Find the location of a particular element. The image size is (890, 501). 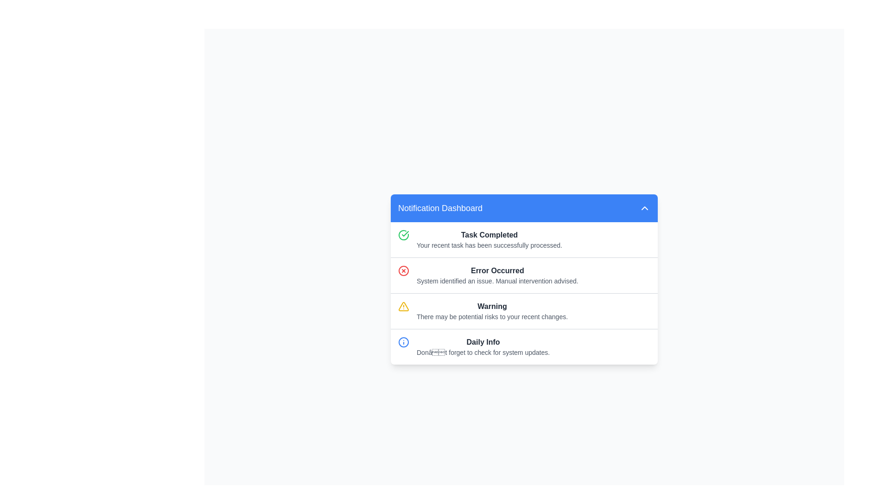

the information indicator icon located to the left of the 'Daily Info' label in the Notification Dashboard is located at coordinates (403, 342).